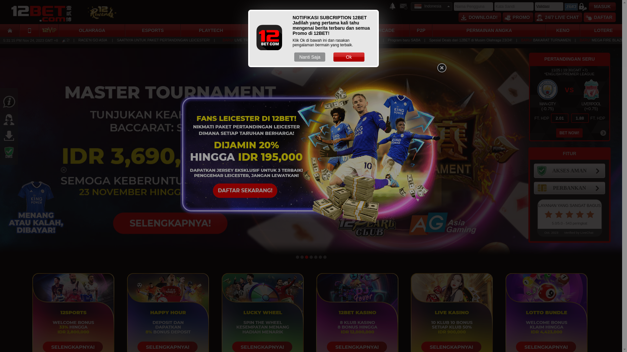 Image resolution: width=627 pixels, height=352 pixels. I want to click on 'OLAHRAGA', so click(91, 30).